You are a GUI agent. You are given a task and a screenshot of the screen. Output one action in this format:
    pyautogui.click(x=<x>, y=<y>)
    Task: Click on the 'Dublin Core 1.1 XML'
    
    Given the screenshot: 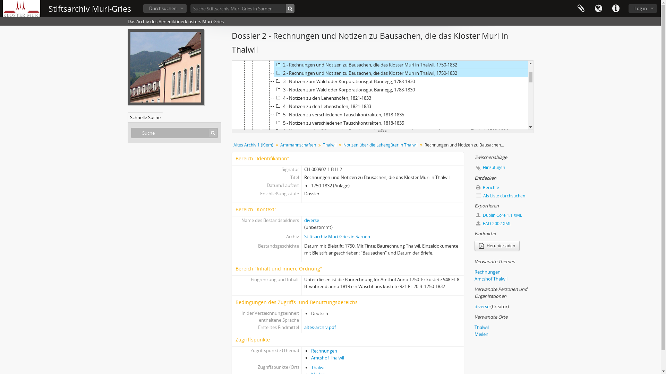 What is the action you would take?
    pyautogui.click(x=504, y=215)
    